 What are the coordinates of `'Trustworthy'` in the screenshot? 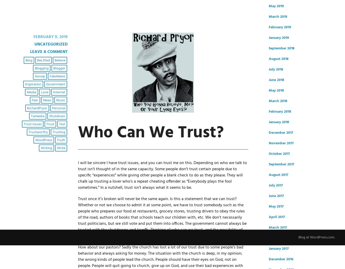 It's located at (28, 132).